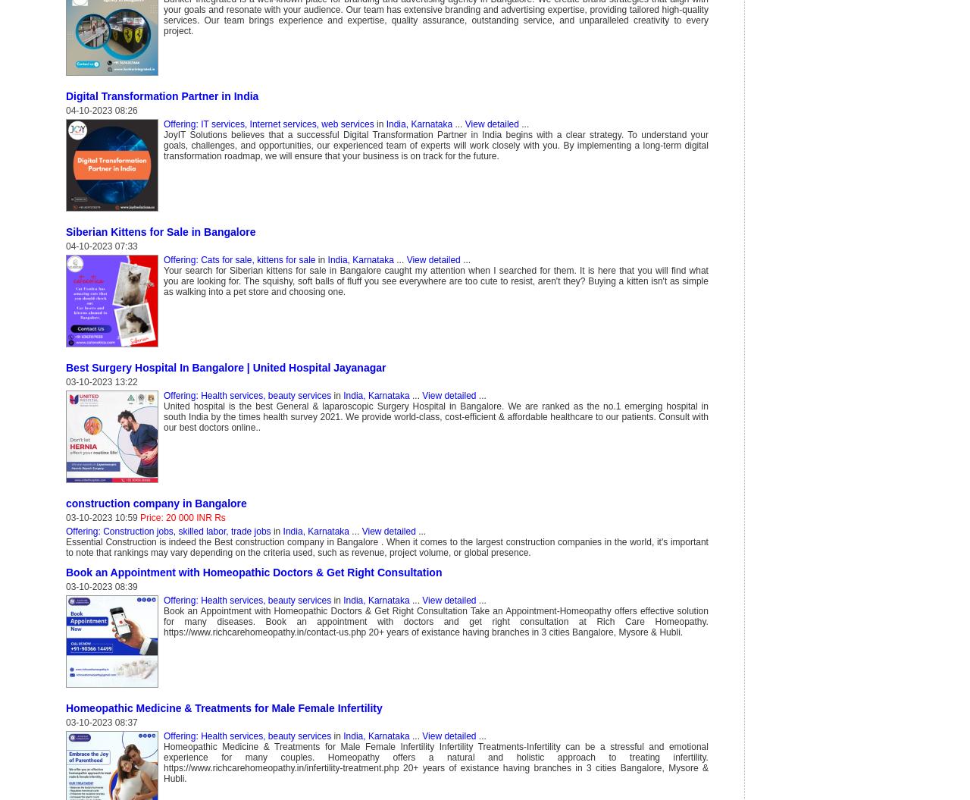 Image resolution: width=970 pixels, height=800 pixels. Describe the element at coordinates (65, 572) in the screenshot. I see `'Book an Appointment with Homeopathic Doctors & Get Right Consultation'` at that location.